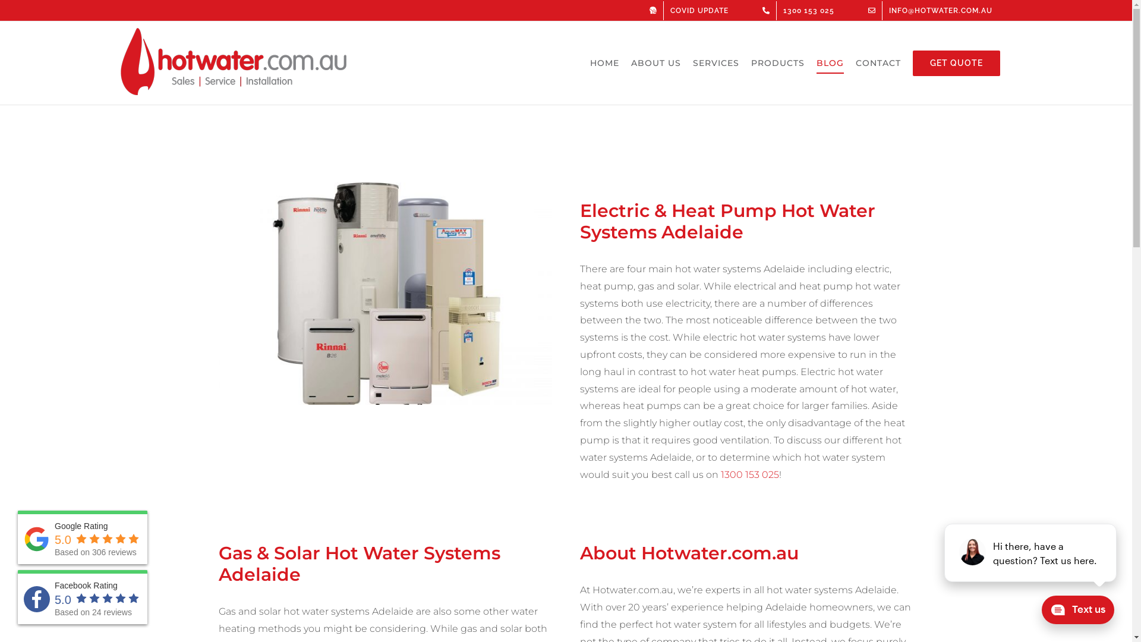 This screenshot has height=642, width=1141. What do you see at coordinates (878, 62) in the screenshot?
I see `'CONTACT'` at bounding box center [878, 62].